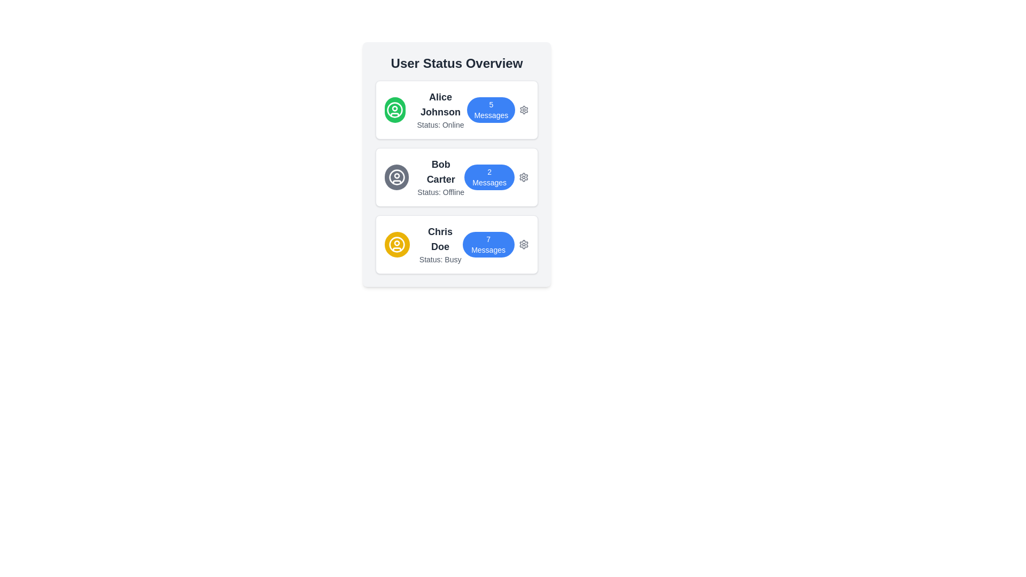 Image resolution: width=1026 pixels, height=577 pixels. Describe the element at coordinates (397, 245) in the screenshot. I see `the user icon representing 'Chris Doe', located in the third row of the user overview list, aligned to the left` at that location.